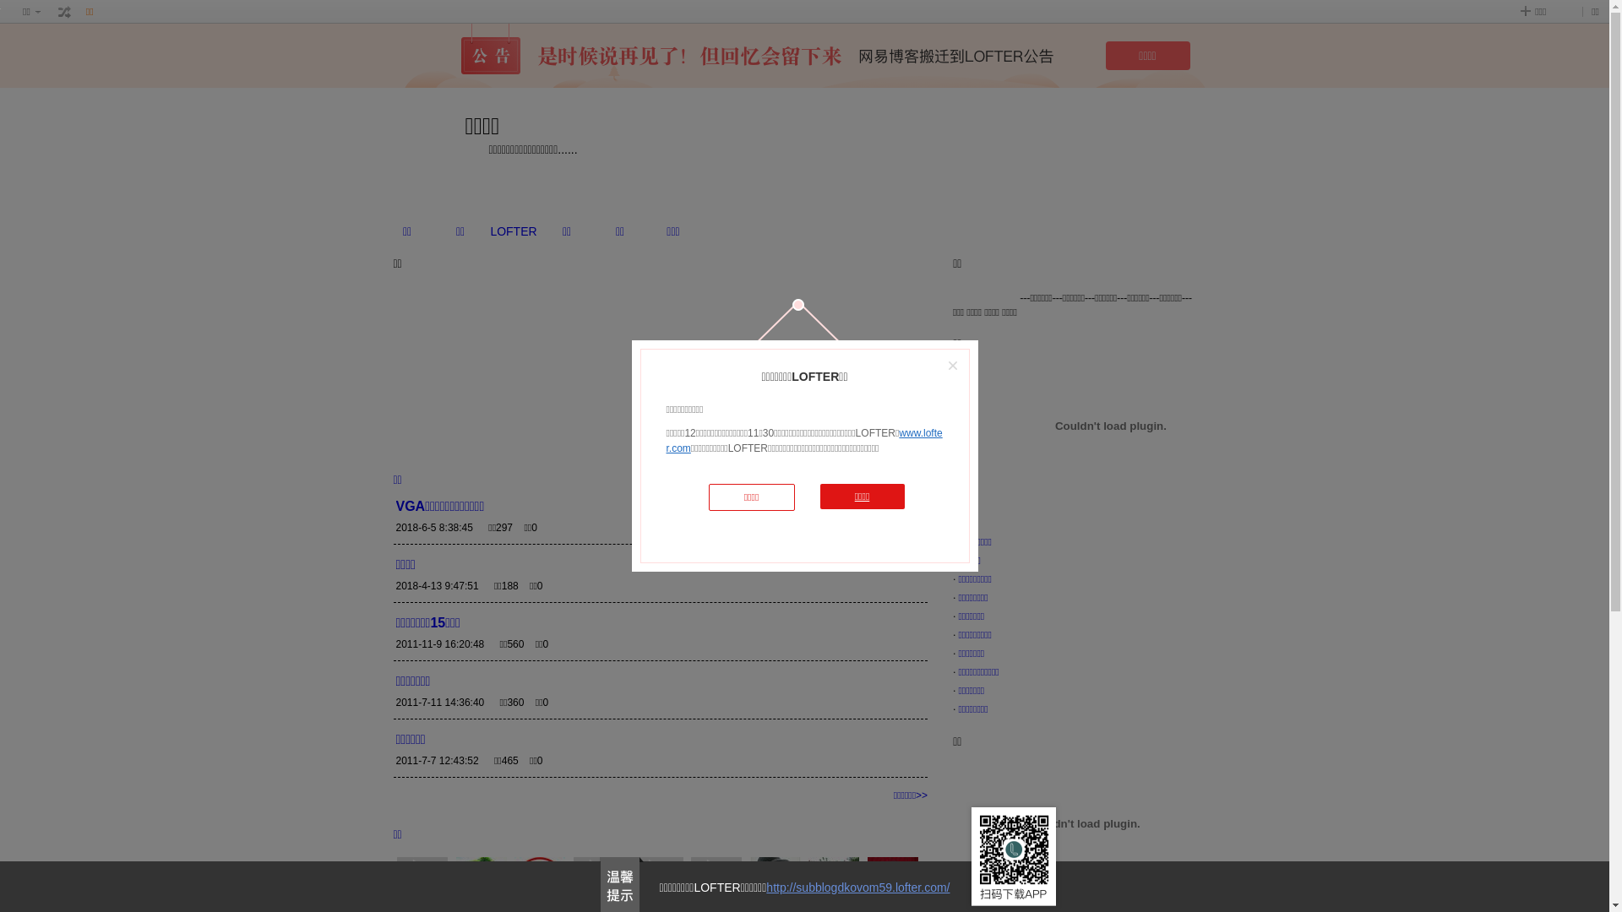  What do you see at coordinates (857, 886) in the screenshot?
I see `'http://subblogdkovom59.lofter.com/'` at bounding box center [857, 886].